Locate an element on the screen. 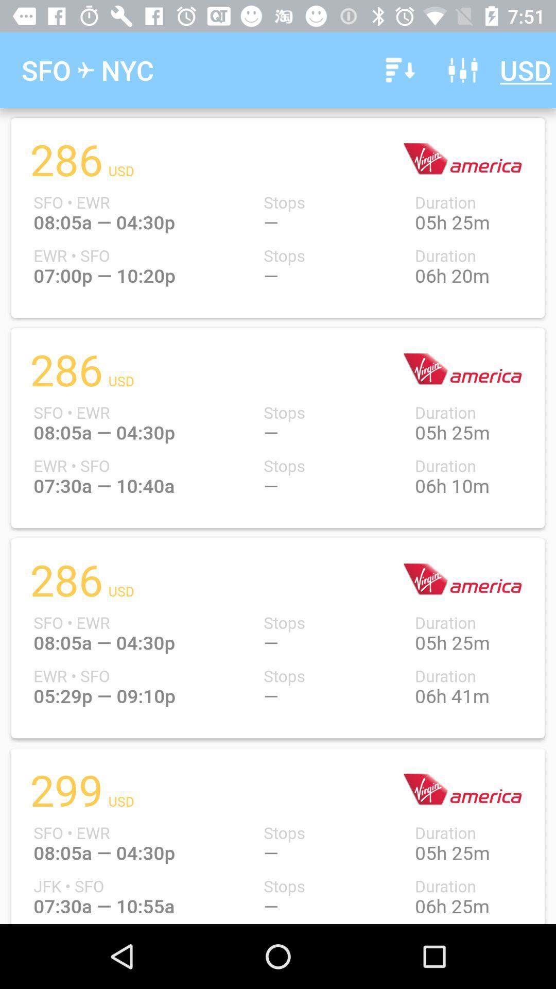 Image resolution: width=556 pixels, height=989 pixels. the icon next to the usd is located at coordinates (462, 70).